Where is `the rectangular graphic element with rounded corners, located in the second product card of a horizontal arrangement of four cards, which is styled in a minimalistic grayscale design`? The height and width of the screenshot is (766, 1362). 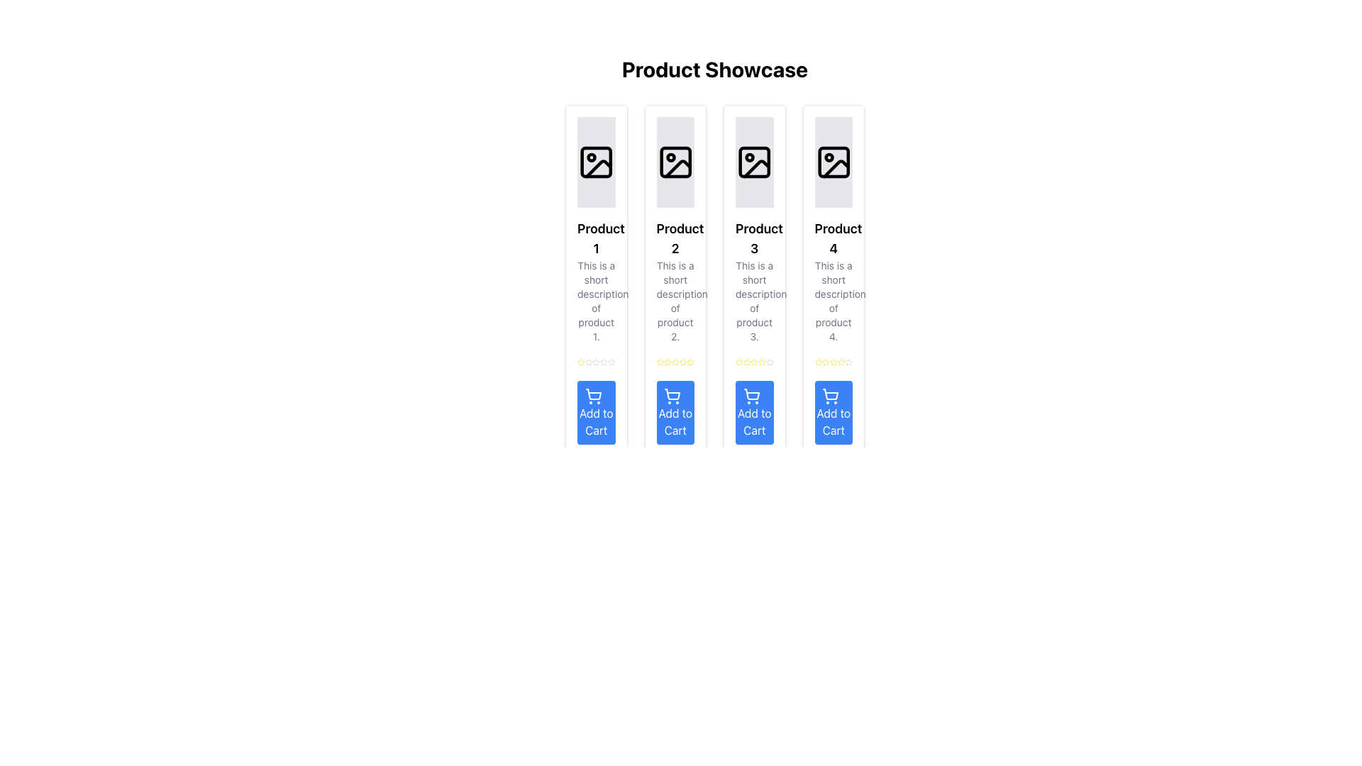 the rectangular graphic element with rounded corners, located in the second product card of a horizontal arrangement of four cards, which is styled in a minimalistic grayscale design is located at coordinates (675, 161).